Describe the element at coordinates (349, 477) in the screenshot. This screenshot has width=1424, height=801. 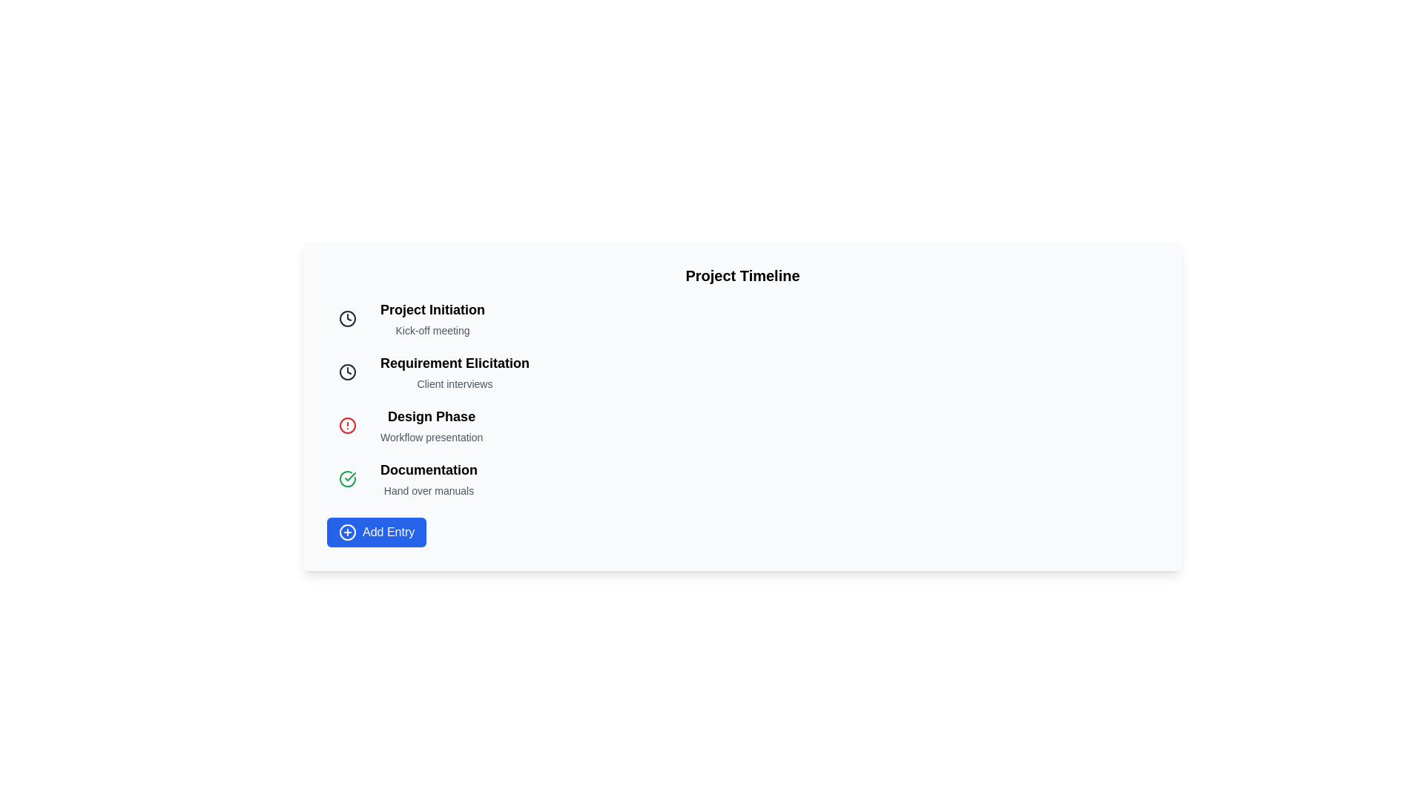
I see `the green checkmark icon located at the bottom section of the vertical timeline, next to the 'Documentation' phase label` at that location.